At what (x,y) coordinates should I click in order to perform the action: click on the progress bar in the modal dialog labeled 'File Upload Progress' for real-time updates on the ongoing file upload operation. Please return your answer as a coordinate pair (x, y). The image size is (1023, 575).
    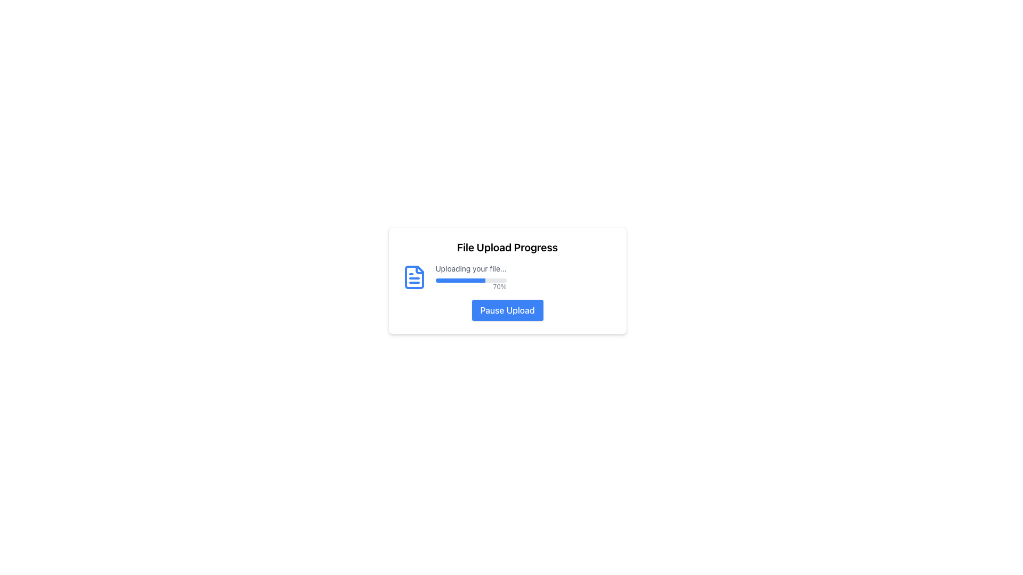
    Looking at the image, I should click on (470, 276).